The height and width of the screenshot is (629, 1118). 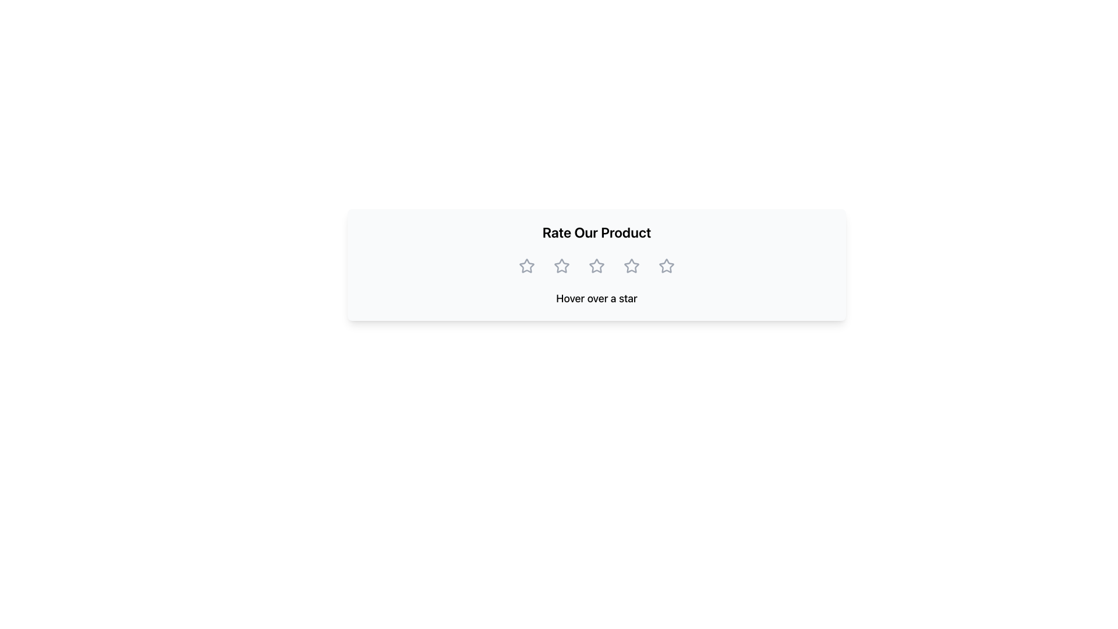 What do you see at coordinates (597, 266) in the screenshot?
I see `the third star-shaped rating button, which is gray and has a subtle shadow` at bounding box center [597, 266].